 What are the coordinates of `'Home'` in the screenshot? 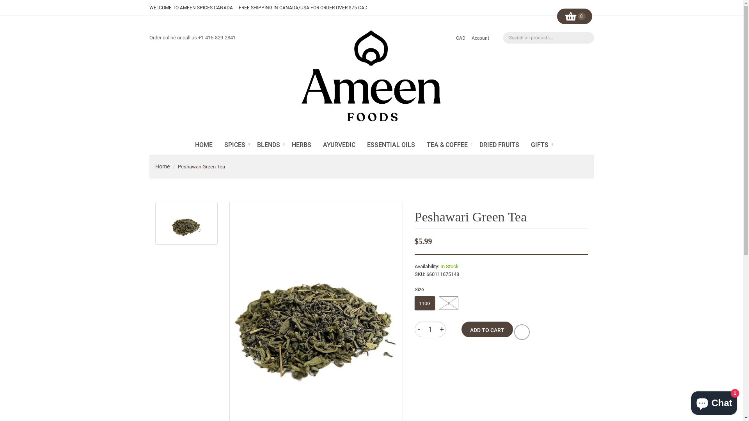 It's located at (162, 166).